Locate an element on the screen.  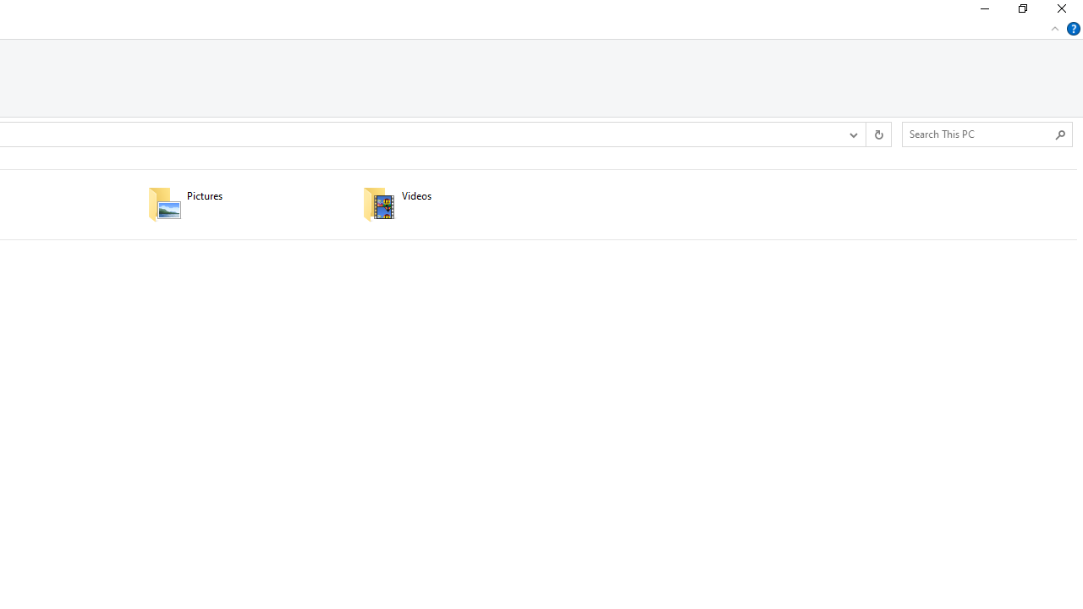
'Refresh "This PC" (F5)' is located at coordinates (878, 134).